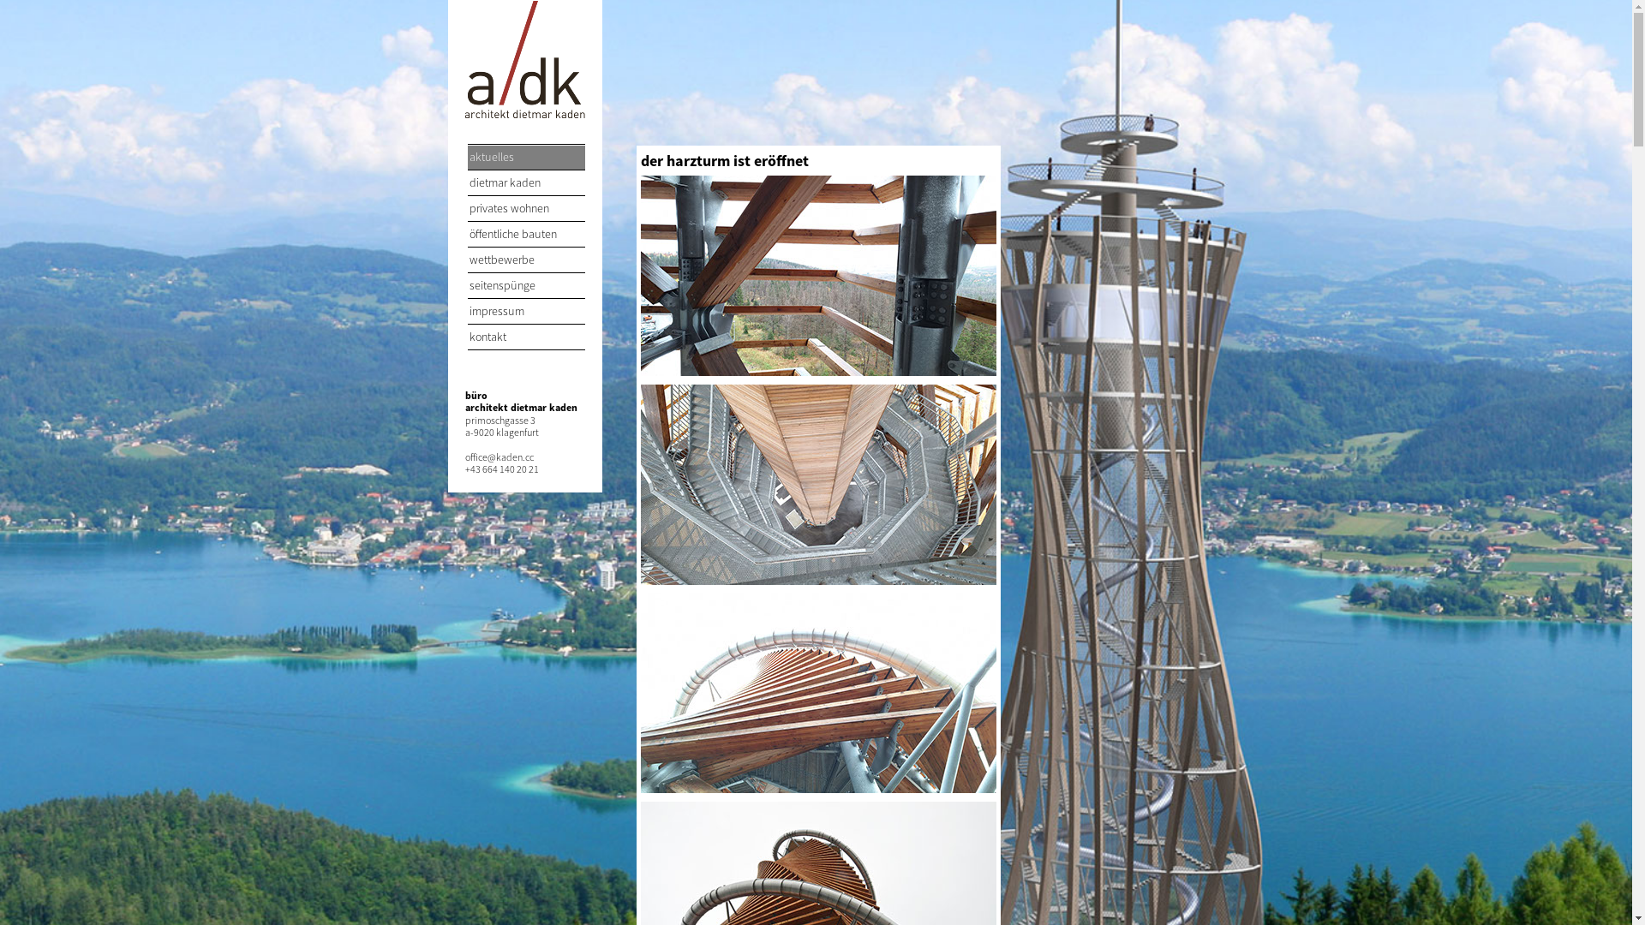 This screenshot has height=925, width=1645. Describe the element at coordinates (525, 260) in the screenshot. I see `'wettbewerbe'` at that location.